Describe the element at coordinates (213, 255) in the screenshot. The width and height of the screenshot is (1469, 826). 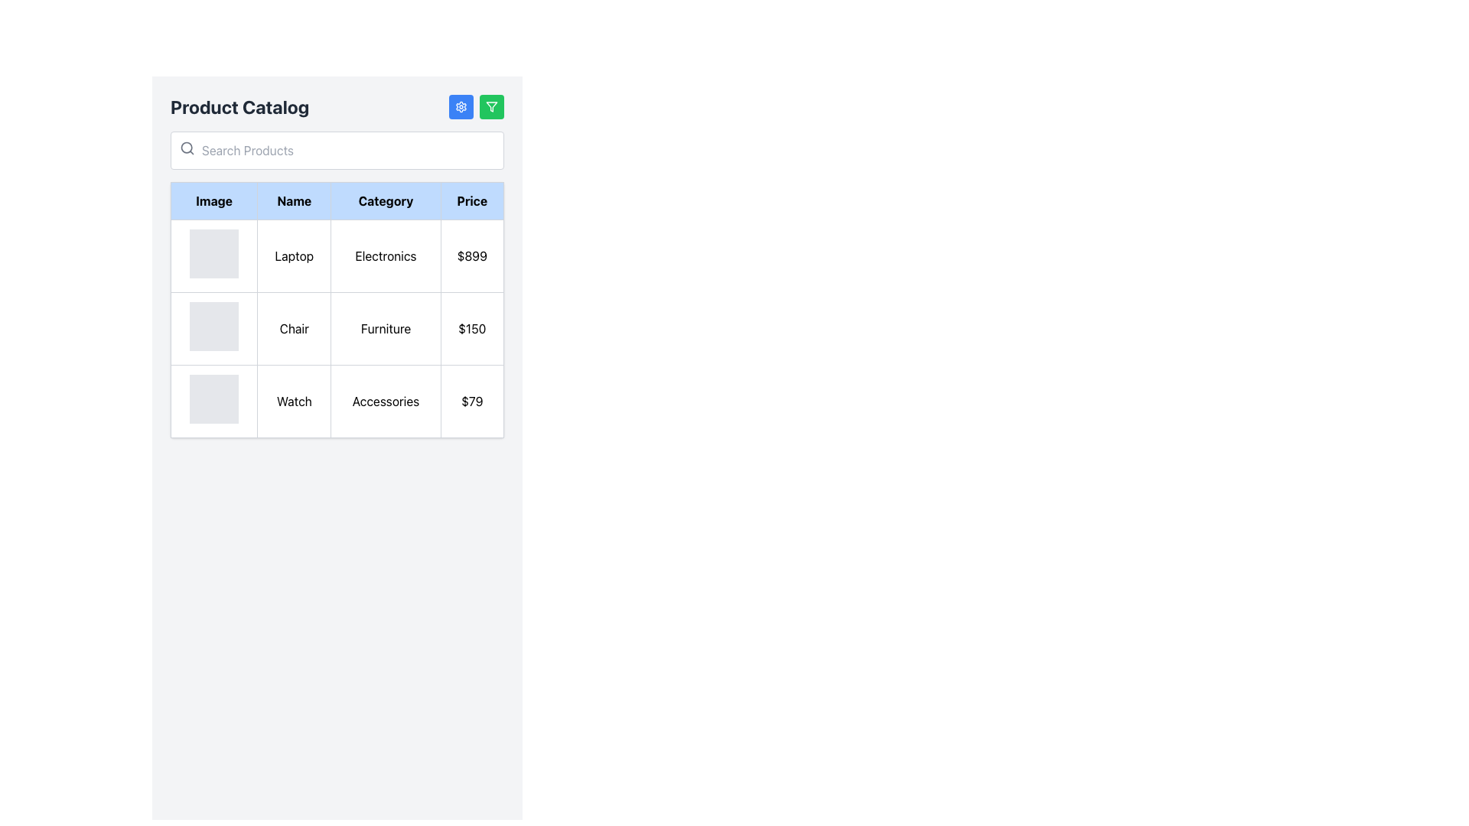
I see `the square area with a light gray background located in the 'Image' column of the first row in the product table` at that location.